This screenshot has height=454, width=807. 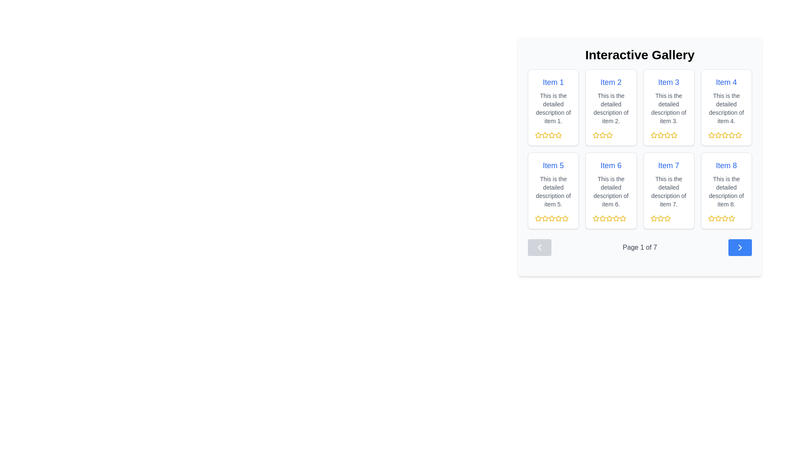 What do you see at coordinates (711, 218) in the screenshot?
I see `the first star icon in the rating system located under the eighth item in the gallery` at bounding box center [711, 218].